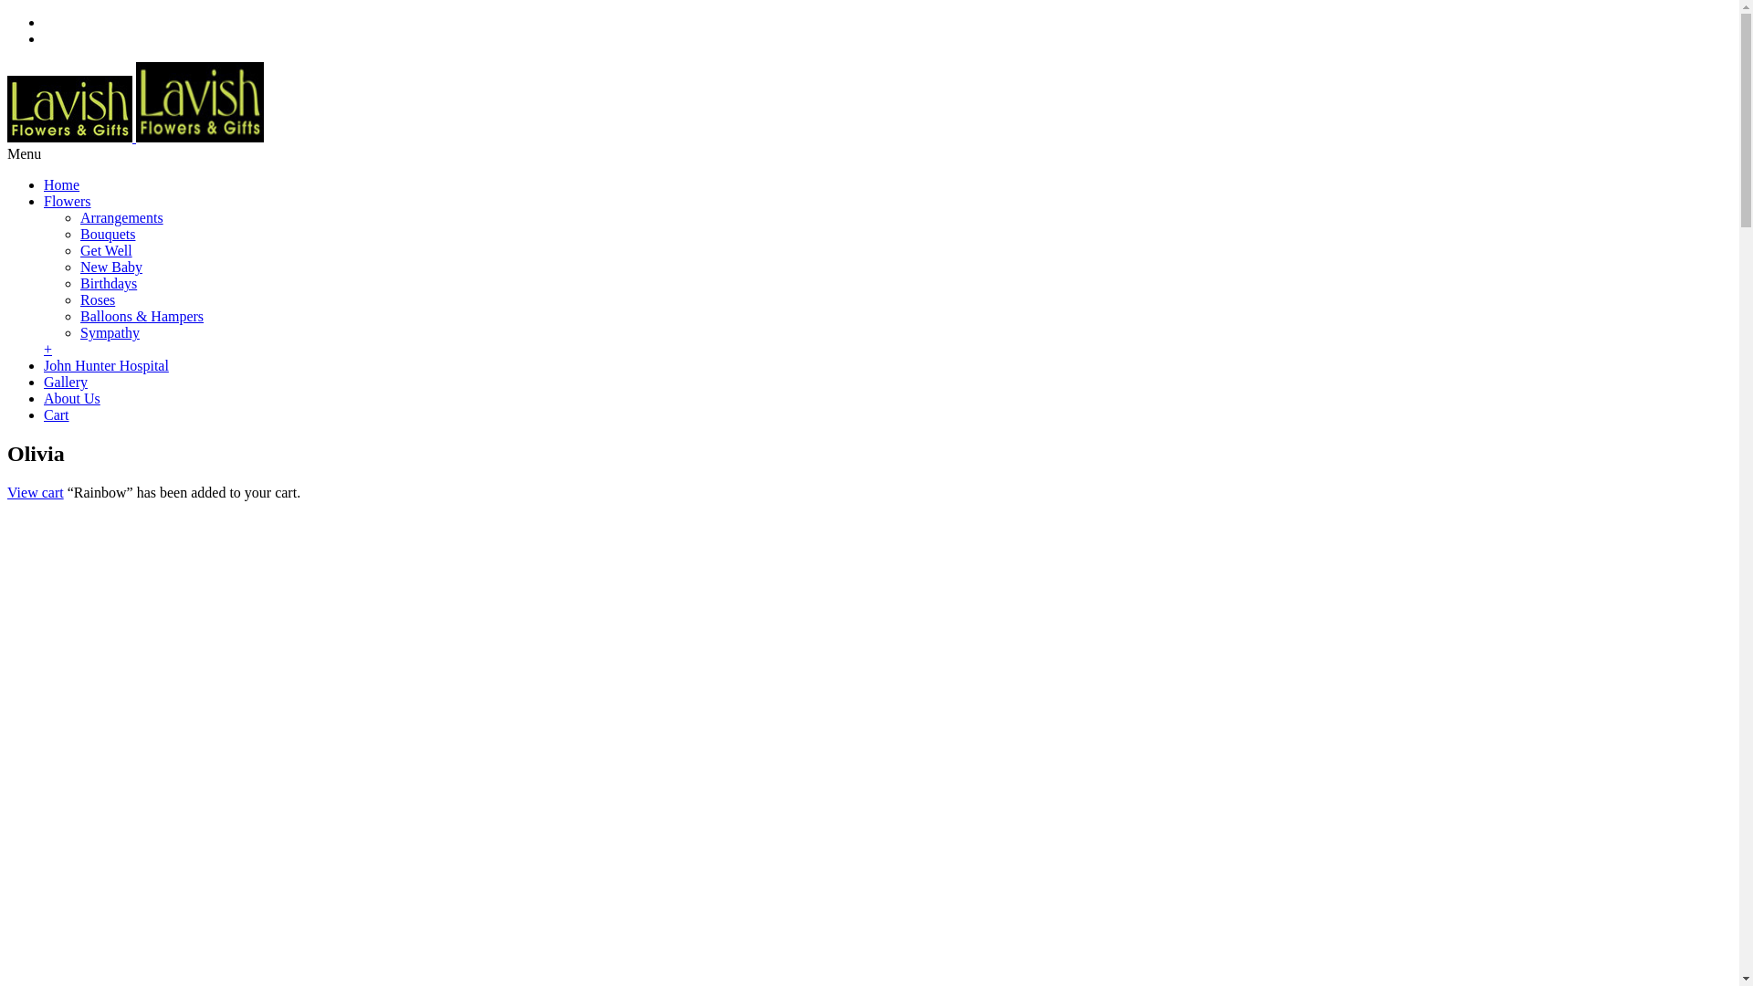 Image resolution: width=1753 pixels, height=986 pixels. Describe the element at coordinates (35, 491) in the screenshot. I see `'View cart'` at that location.